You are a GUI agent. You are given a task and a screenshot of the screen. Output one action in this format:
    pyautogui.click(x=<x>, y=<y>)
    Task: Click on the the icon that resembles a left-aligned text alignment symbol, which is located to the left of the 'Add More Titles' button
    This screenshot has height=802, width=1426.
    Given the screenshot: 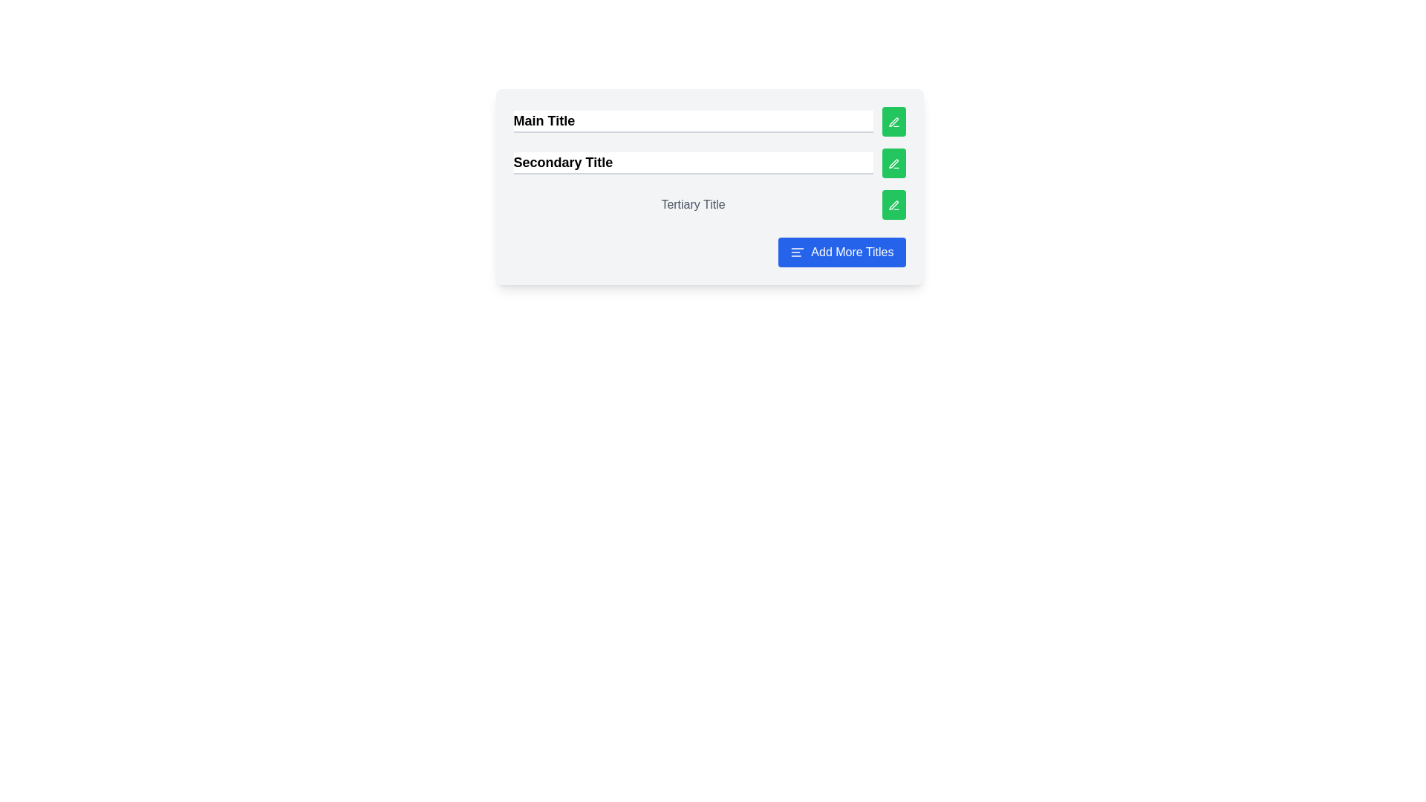 What is the action you would take?
    pyautogui.click(x=797, y=251)
    